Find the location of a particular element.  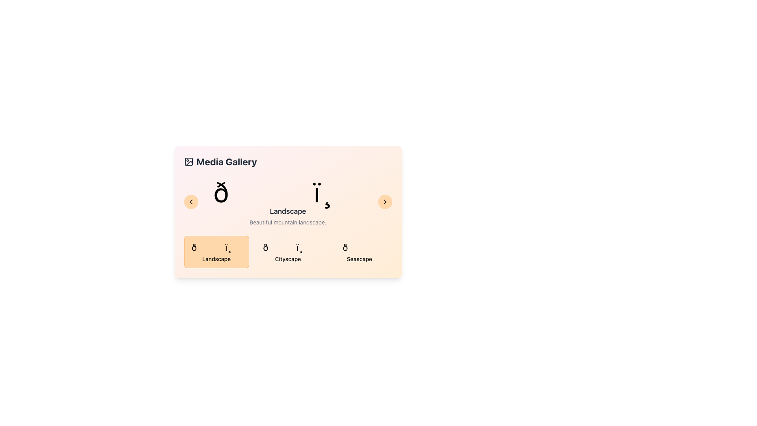

the right navigation chevron icon located in the top-right corner of the media gallery card is located at coordinates (385, 202).